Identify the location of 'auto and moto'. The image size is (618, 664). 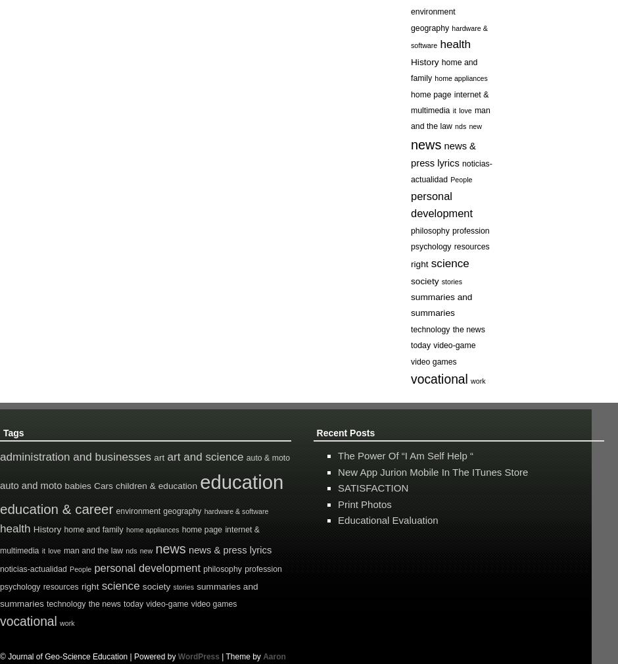
(30, 485).